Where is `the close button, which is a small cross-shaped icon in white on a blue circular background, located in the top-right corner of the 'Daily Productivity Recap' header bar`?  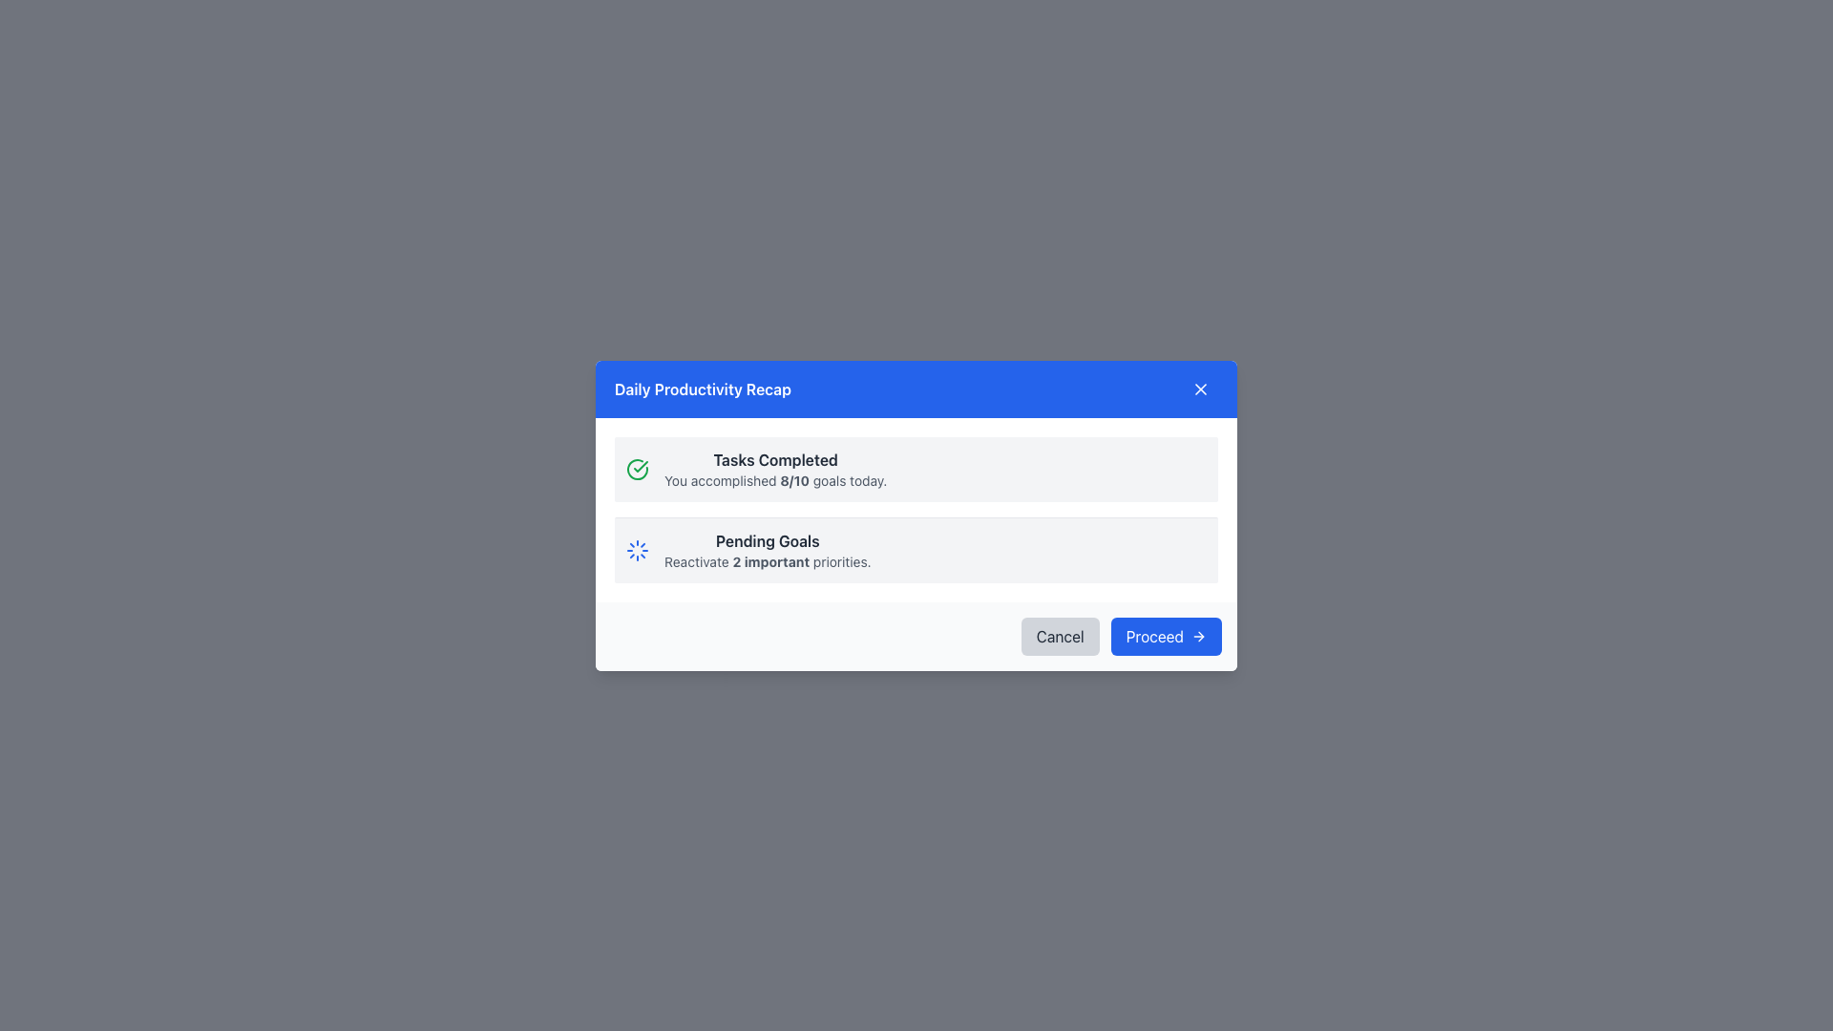
the close button, which is a small cross-shaped icon in white on a blue circular background, located in the top-right corner of the 'Daily Productivity Recap' header bar is located at coordinates (1199, 388).